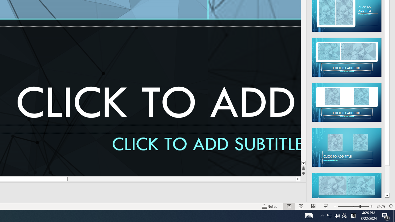 This screenshot has width=395, height=222. I want to click on 'Zoom 240%', so click(380, 206).